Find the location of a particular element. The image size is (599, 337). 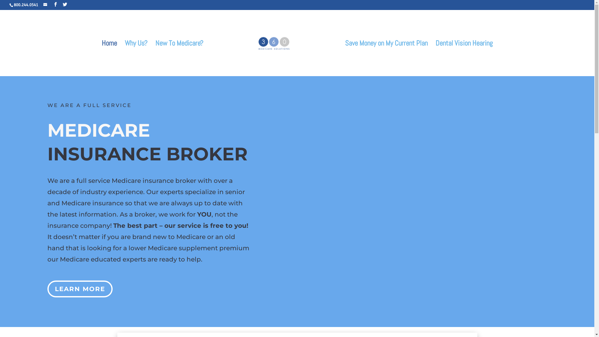

'LEARN MORE' is located at coordinates (80, 289).